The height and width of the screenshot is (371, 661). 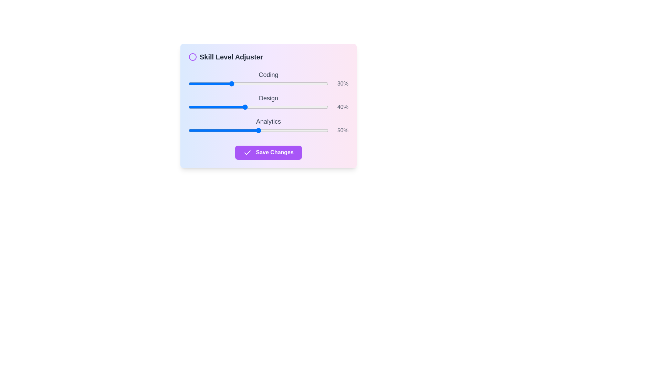 What do you see at coordinates (268, 152) in the screenshot?
I see `the 'Save Changes' button` at bounding box center [268, 152].